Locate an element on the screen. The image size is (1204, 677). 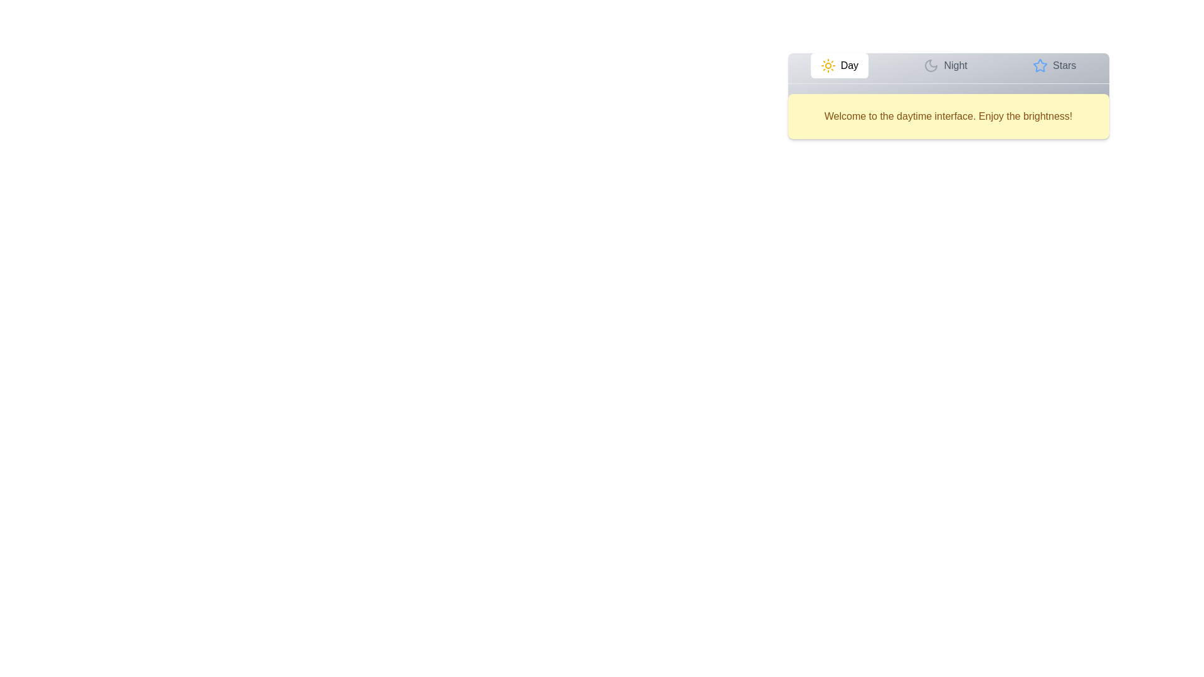
the Night tab is located at coordinates (945, 65).